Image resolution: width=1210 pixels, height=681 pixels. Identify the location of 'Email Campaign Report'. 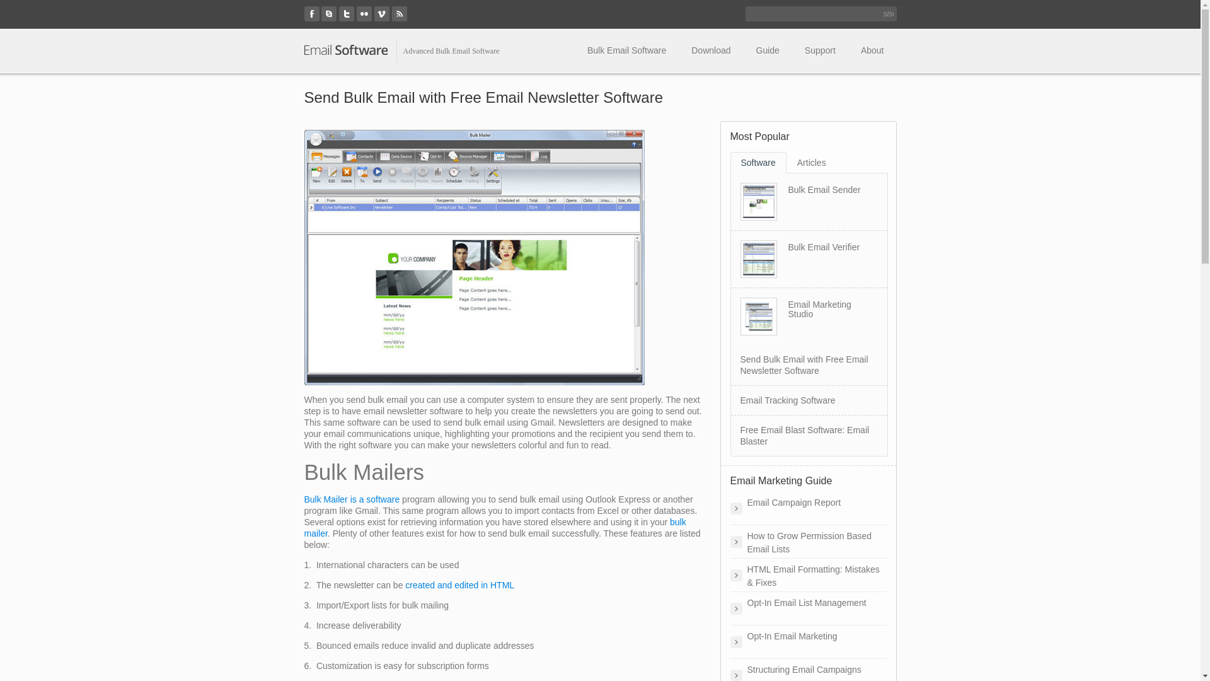
(729, 508).